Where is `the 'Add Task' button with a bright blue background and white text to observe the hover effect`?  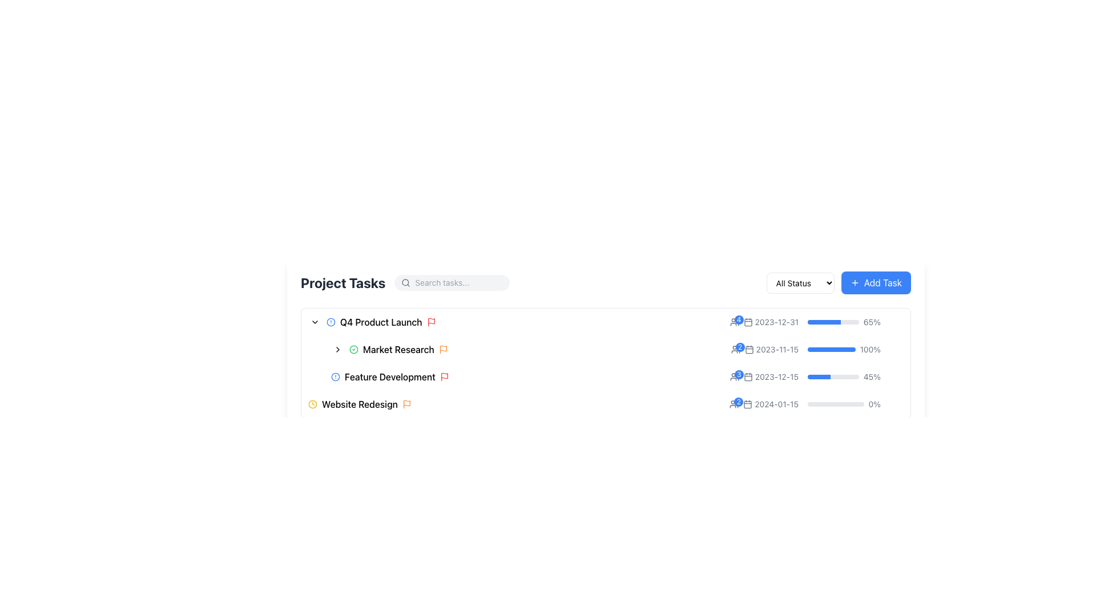 the 'Add Task' button with a bright blue background and white text to observe the hover effect is located at coordinates (875, 282).